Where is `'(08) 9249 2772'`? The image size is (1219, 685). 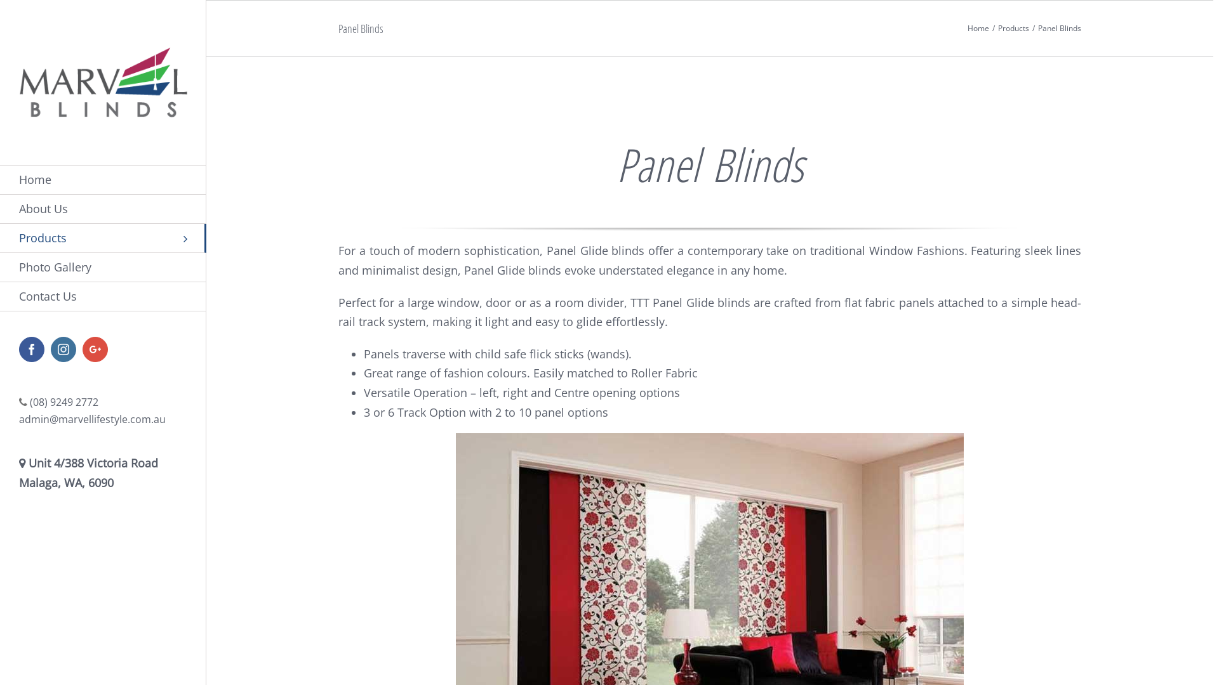
'(08) 9249 2772' is located at coordinates (30, 401).